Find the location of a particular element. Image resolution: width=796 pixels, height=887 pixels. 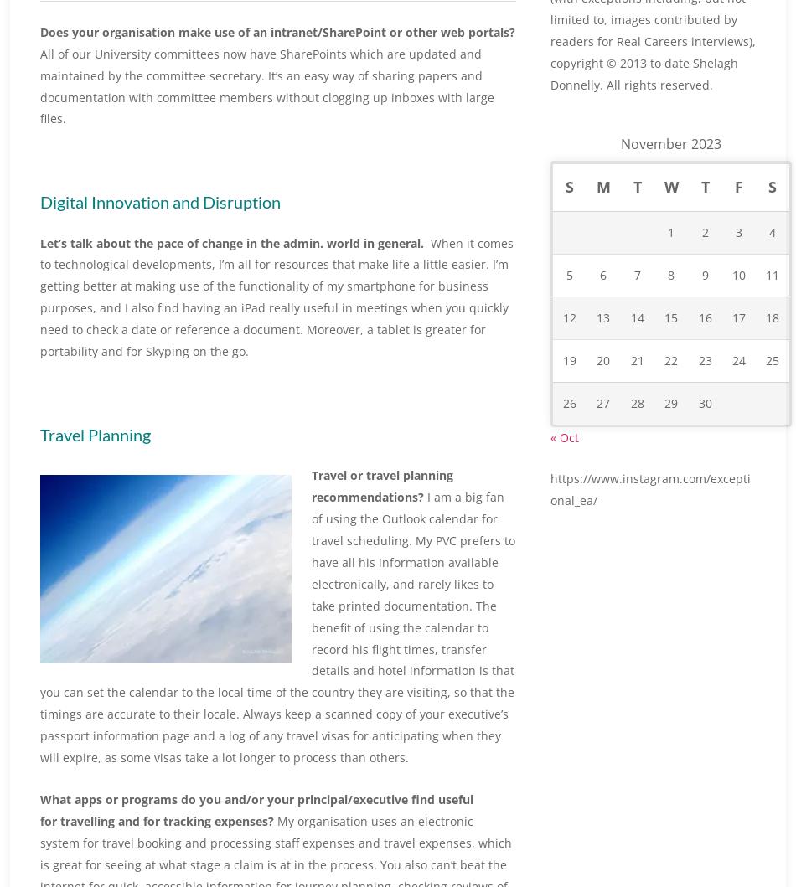

'Travel Planning' is located at coordinates (39, 433).